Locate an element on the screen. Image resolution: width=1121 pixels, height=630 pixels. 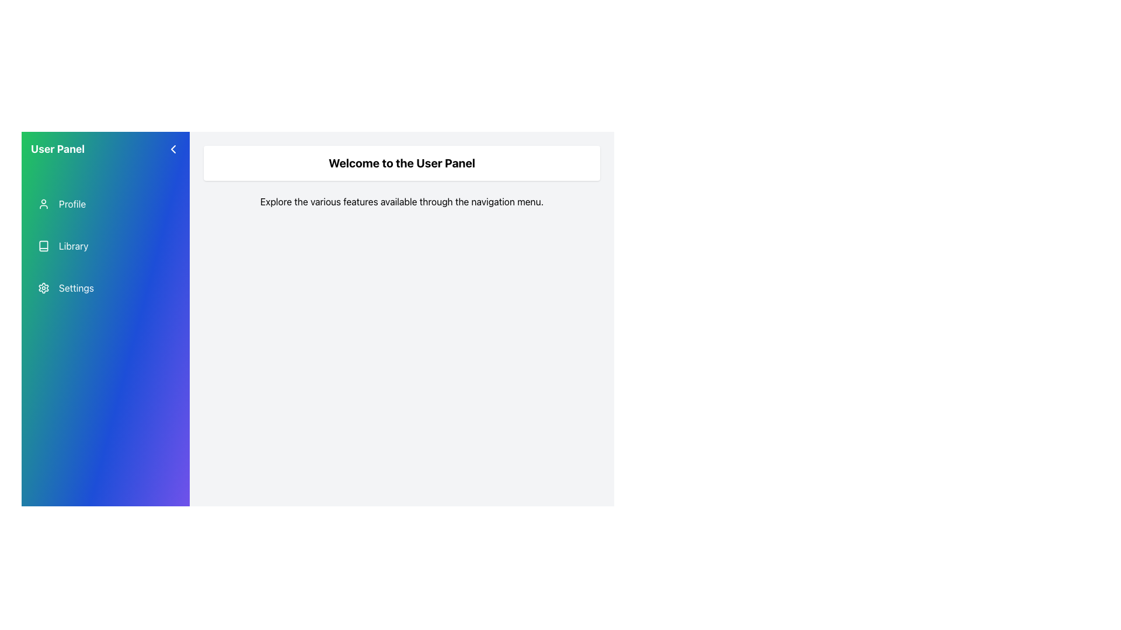
the 'Library' graphical icon in the user panel navigation menu is located at coordinates (44, 245).